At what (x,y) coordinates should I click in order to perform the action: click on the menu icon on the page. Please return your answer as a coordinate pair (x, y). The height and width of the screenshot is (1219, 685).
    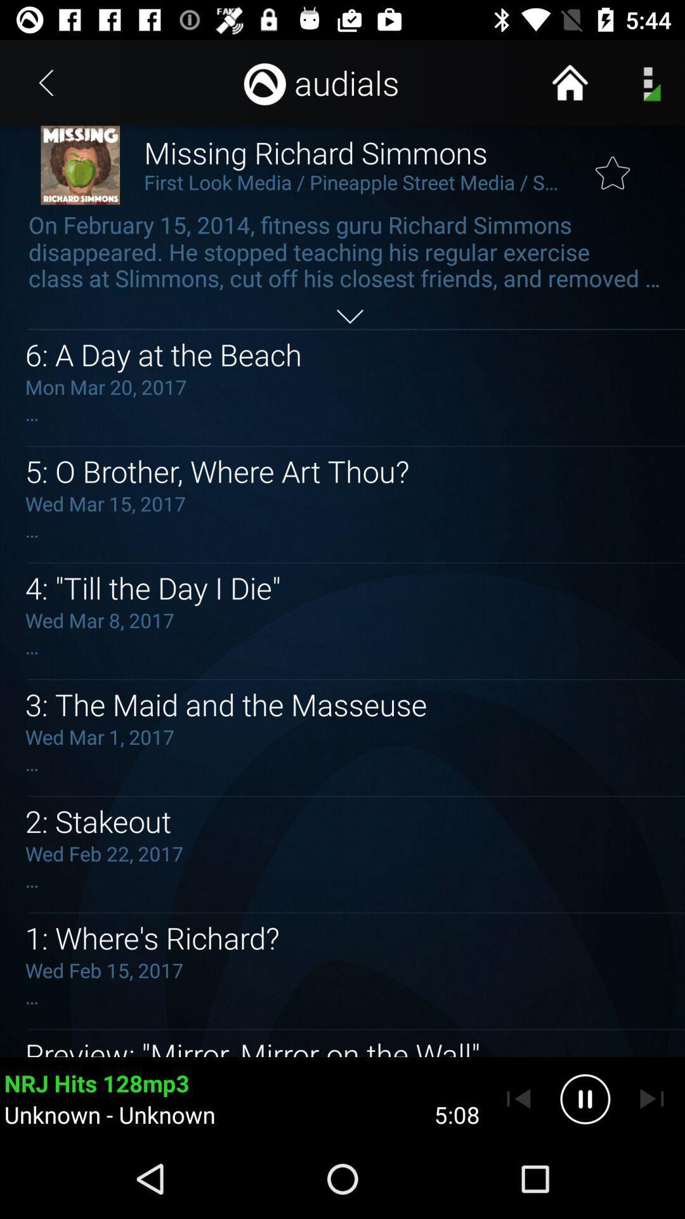
    Looking at the image, I should click on (646, 82).